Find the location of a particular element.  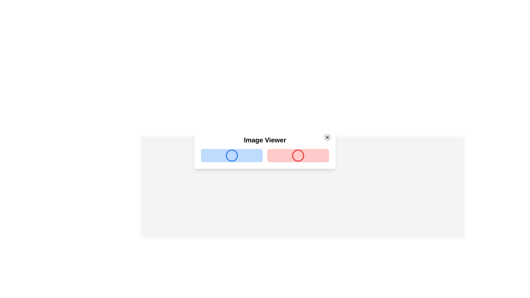

the small circular button with a light gray background and a black 'X' icon is located at coordinates (327, 137).